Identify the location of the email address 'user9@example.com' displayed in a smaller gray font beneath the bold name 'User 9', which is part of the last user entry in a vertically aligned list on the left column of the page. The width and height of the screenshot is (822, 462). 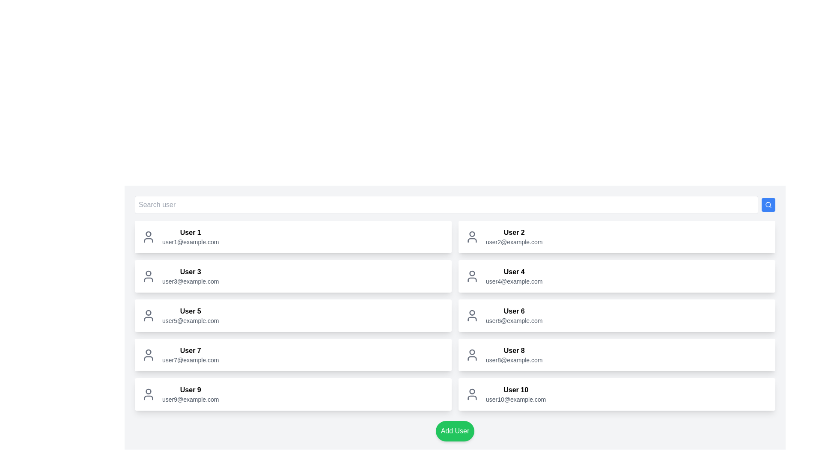
(190, 399).